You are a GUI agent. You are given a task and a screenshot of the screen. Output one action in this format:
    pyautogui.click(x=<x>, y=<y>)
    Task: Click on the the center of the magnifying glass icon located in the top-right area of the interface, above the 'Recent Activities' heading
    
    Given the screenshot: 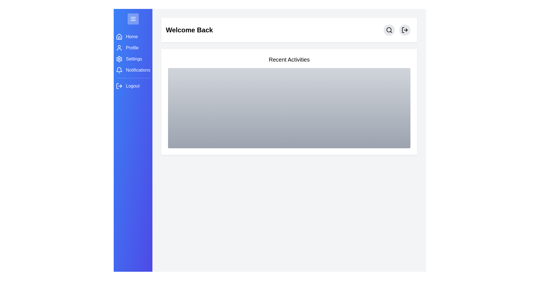 What is the action you would take?
    pyautogui.click(x=389, y=30)
    